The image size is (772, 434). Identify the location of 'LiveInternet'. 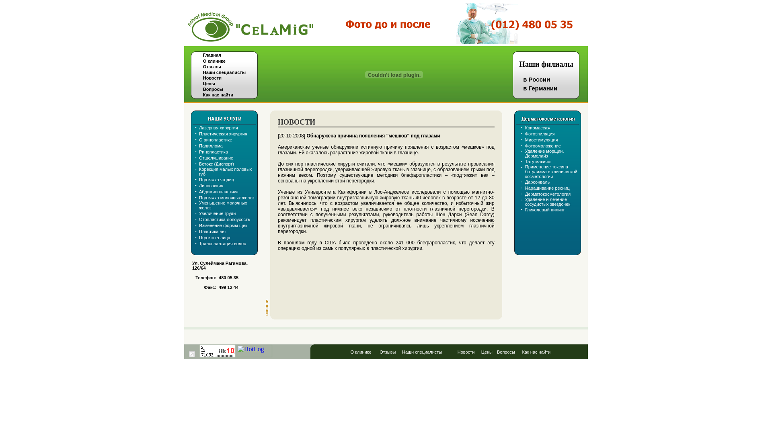
(191, 354).